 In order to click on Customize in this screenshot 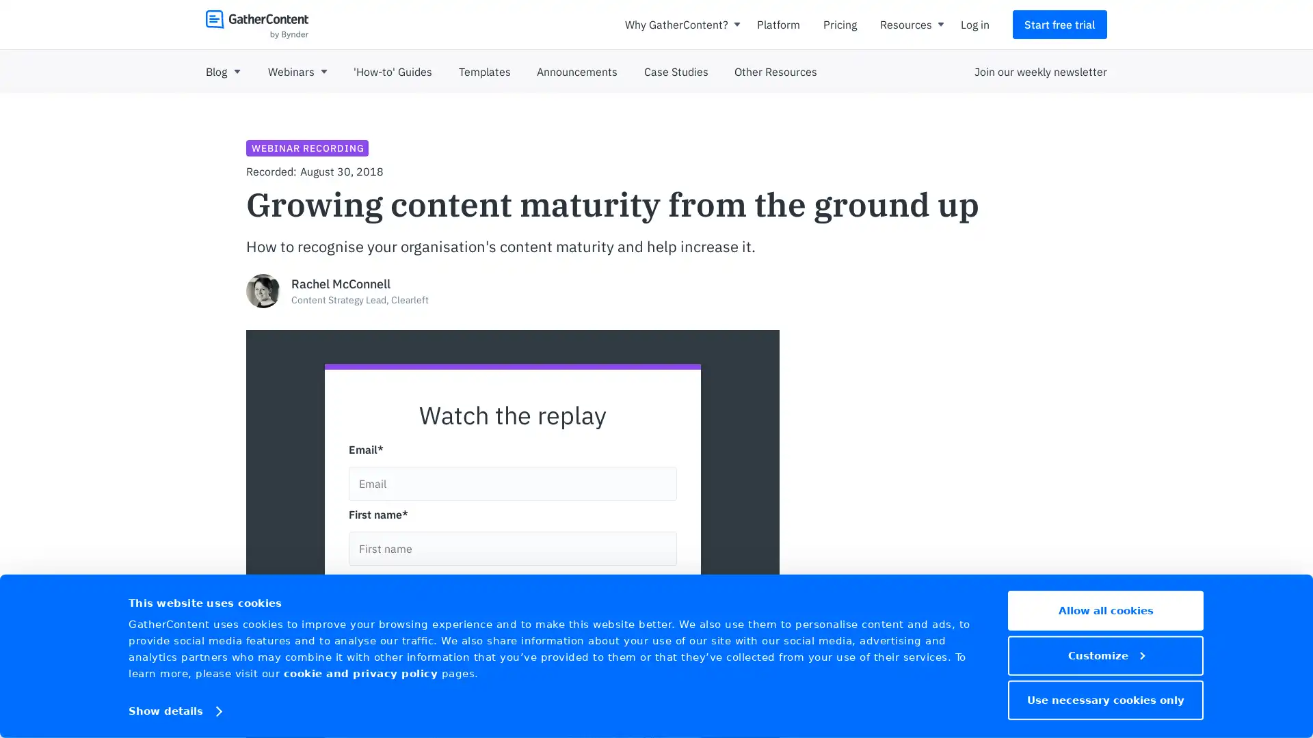, I will do `click(1106, 655)`.